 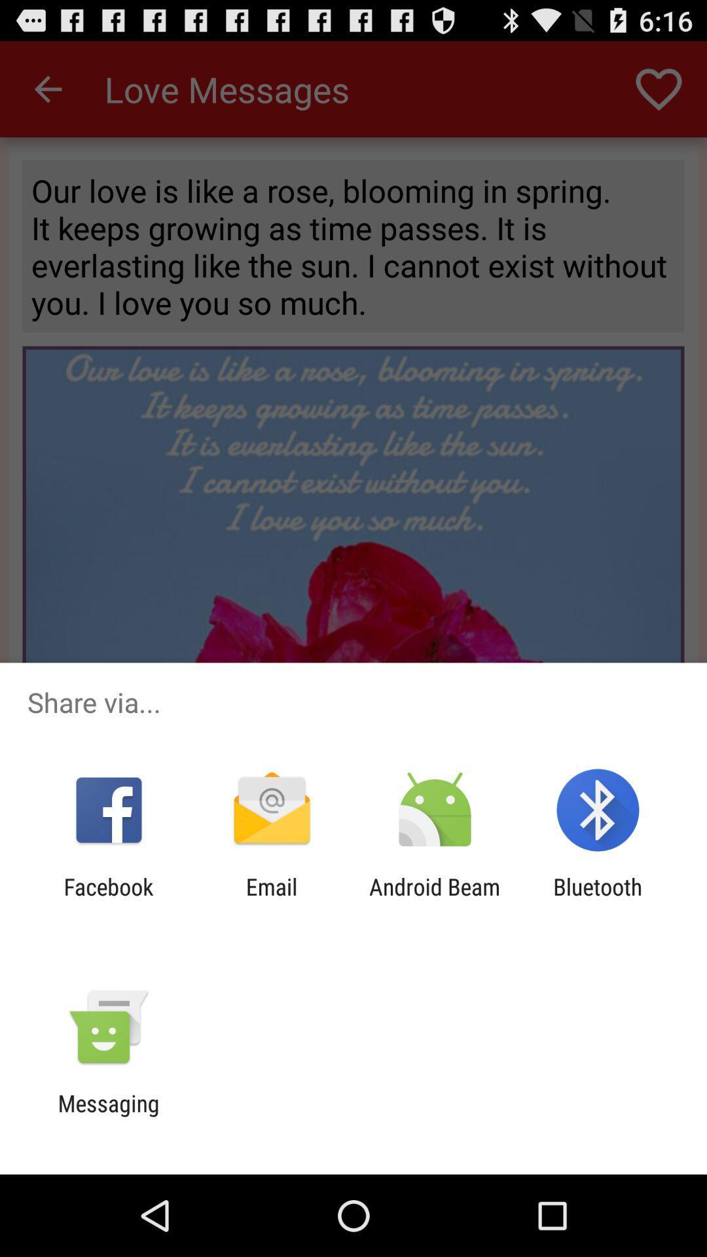 I want to click on item next to the android beam icon, so click(x=598, y=900).